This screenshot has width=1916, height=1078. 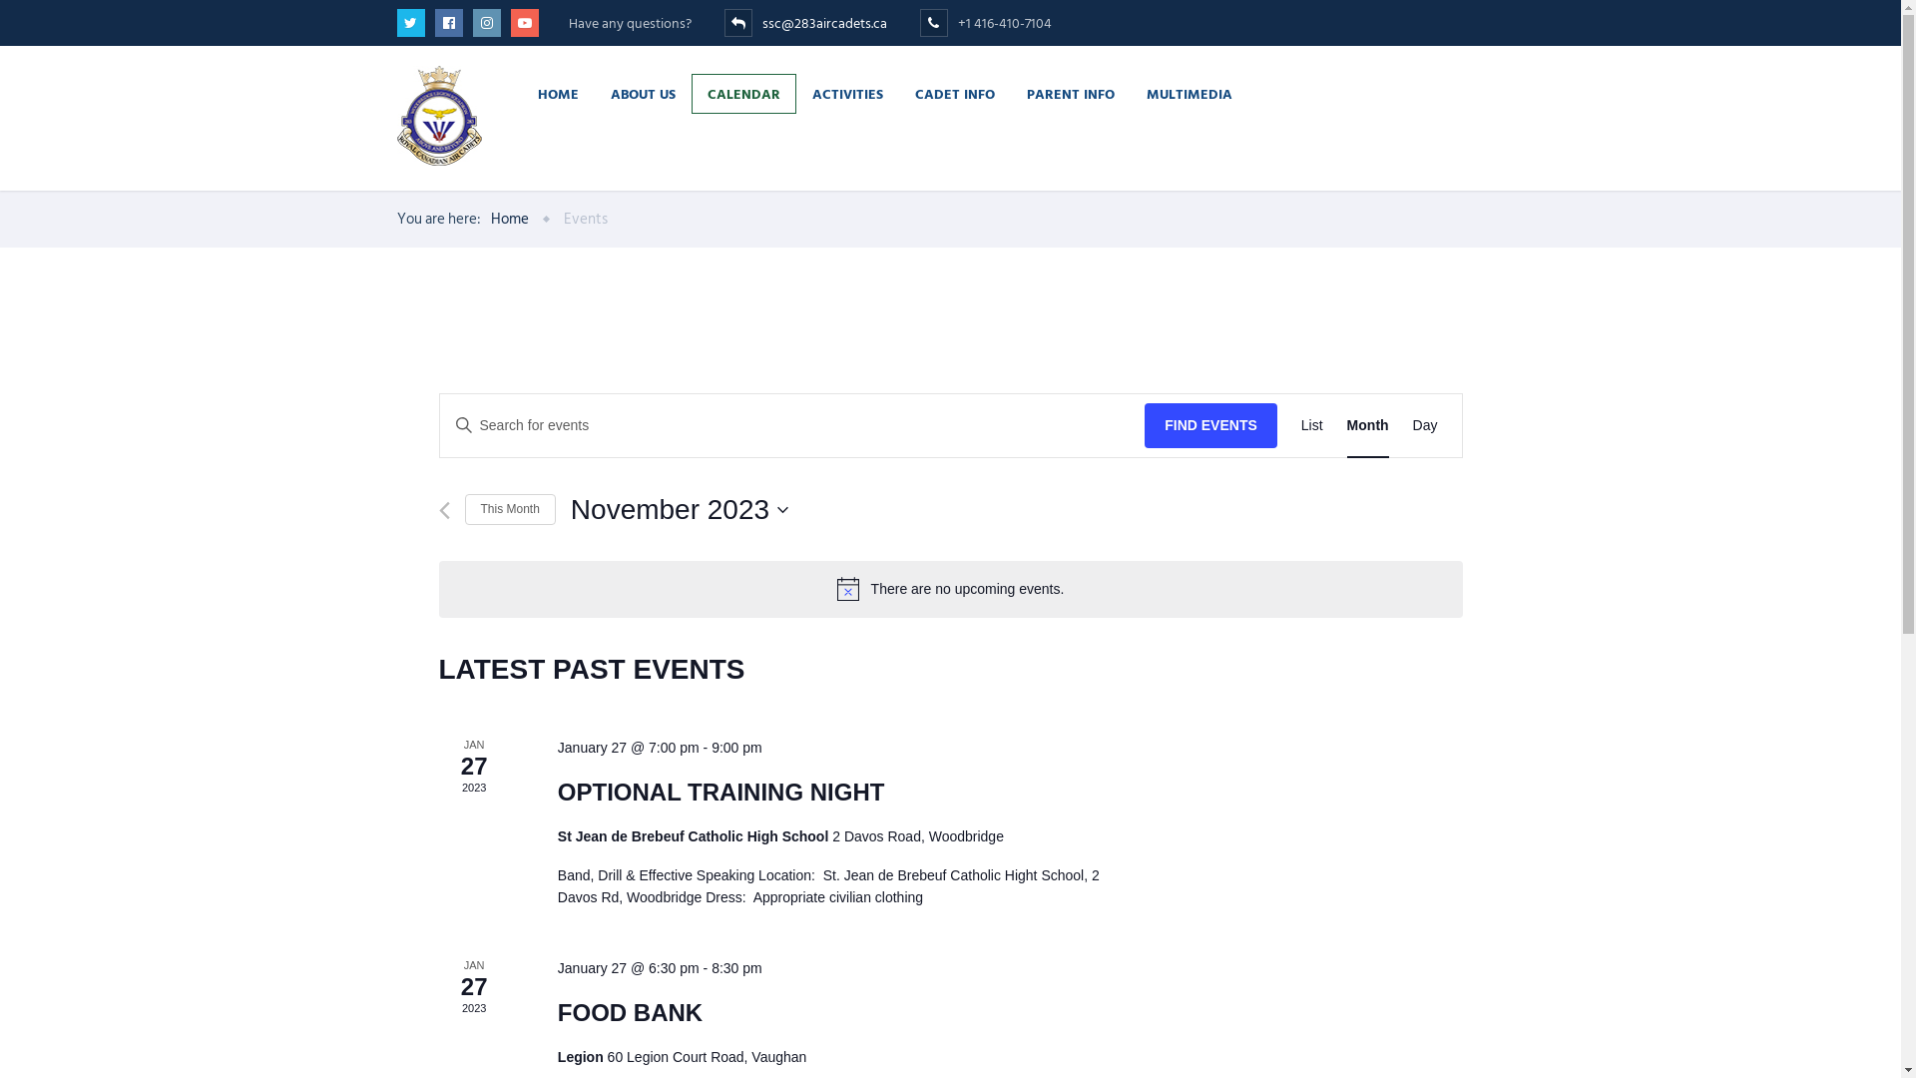 I want to click on 'FIND EVENTS', so click(x=1209, y=424).